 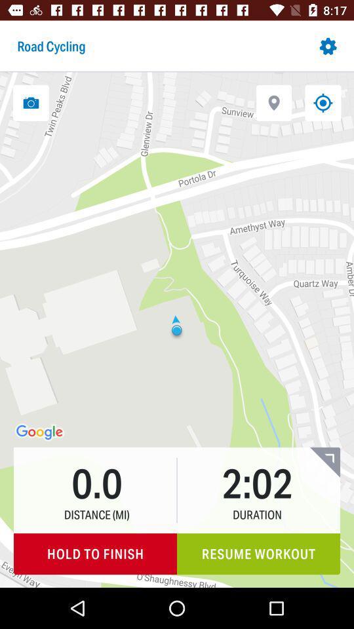 What do you see at coordinates (324, 419) in the screenshot?
I see `the avatar icon` at bounding box center [324, 419].